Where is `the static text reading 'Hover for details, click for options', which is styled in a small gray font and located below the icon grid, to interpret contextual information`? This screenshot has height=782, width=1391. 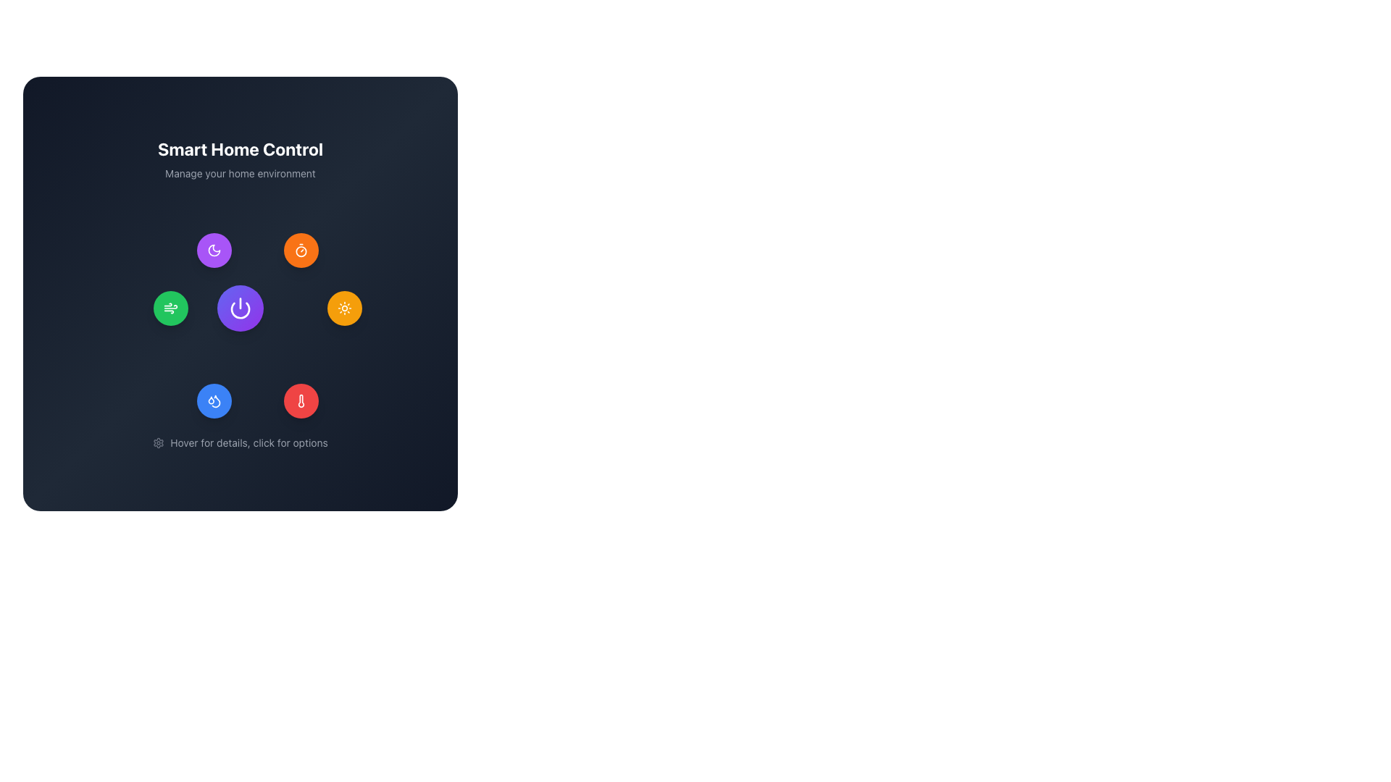 the static text reading 'Hover for details, click for options', which is styled in a small gray font and located below the icon grid, to interpret contextual information is located at coordinates (249, 442).